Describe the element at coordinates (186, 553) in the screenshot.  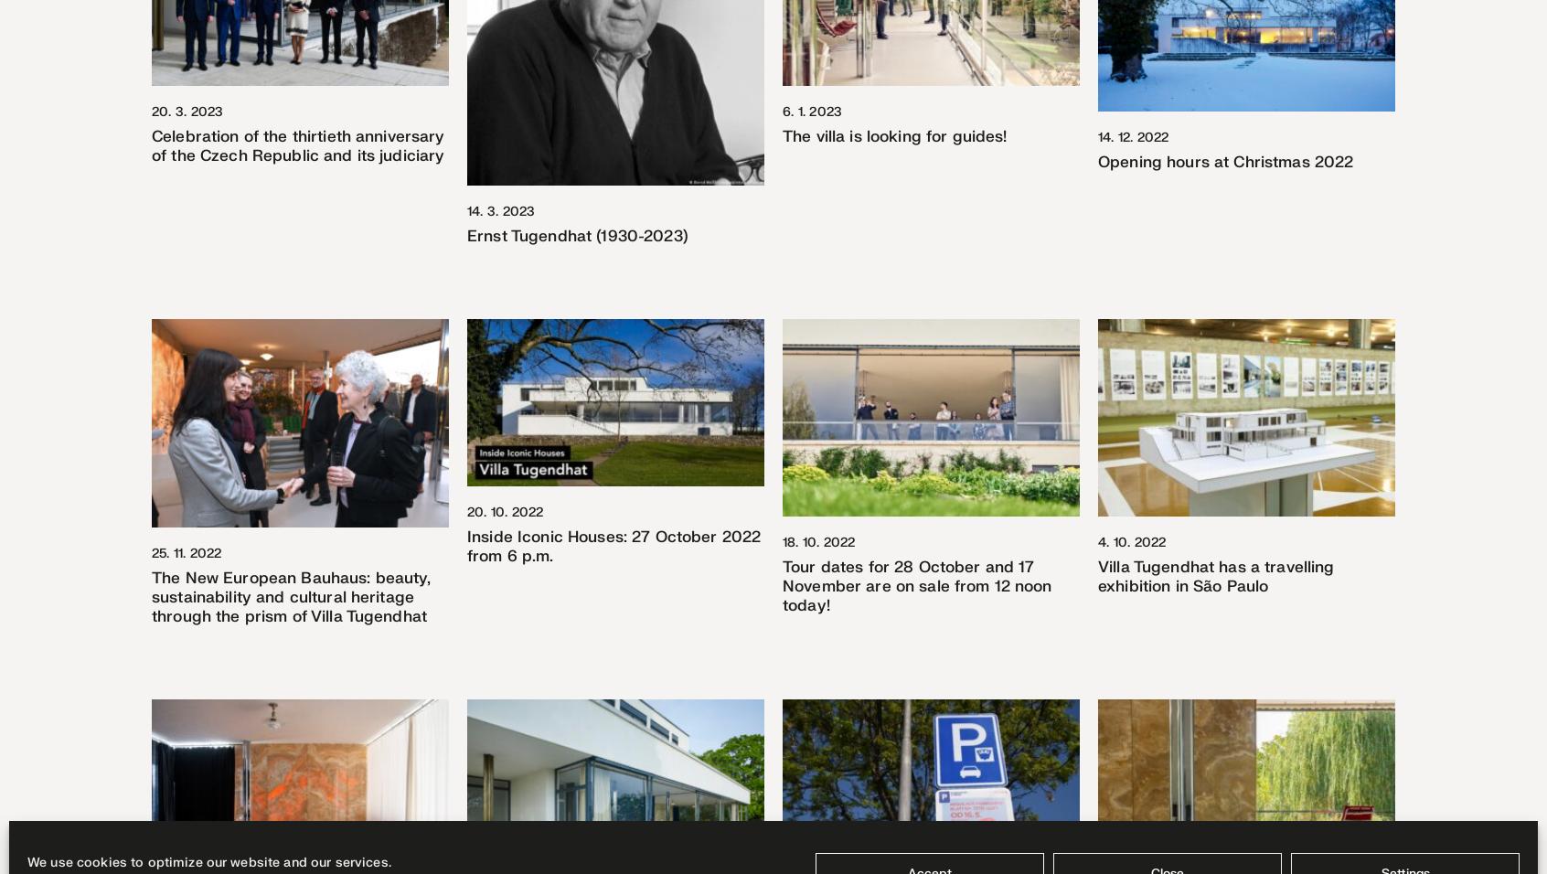
I see `'25. 11. 2022'` at that location.